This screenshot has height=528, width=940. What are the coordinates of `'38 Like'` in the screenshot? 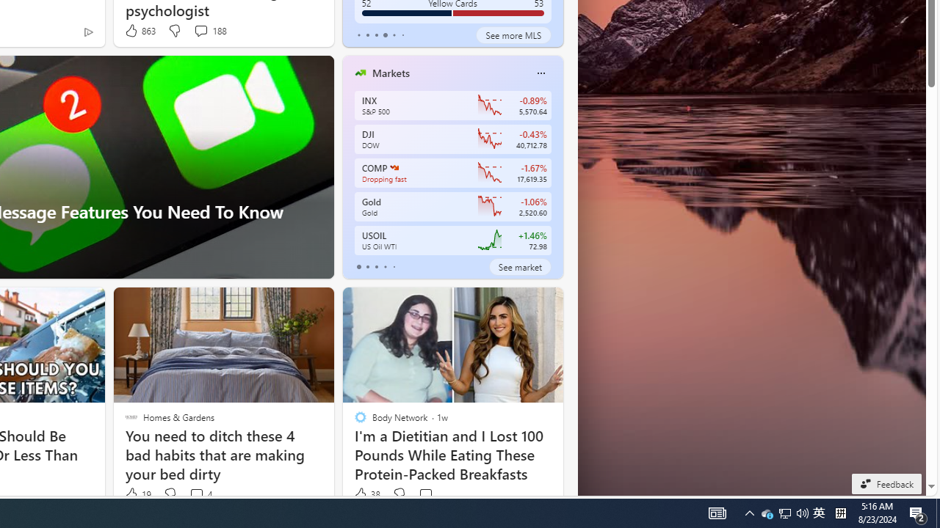 It's located at (366, 494).